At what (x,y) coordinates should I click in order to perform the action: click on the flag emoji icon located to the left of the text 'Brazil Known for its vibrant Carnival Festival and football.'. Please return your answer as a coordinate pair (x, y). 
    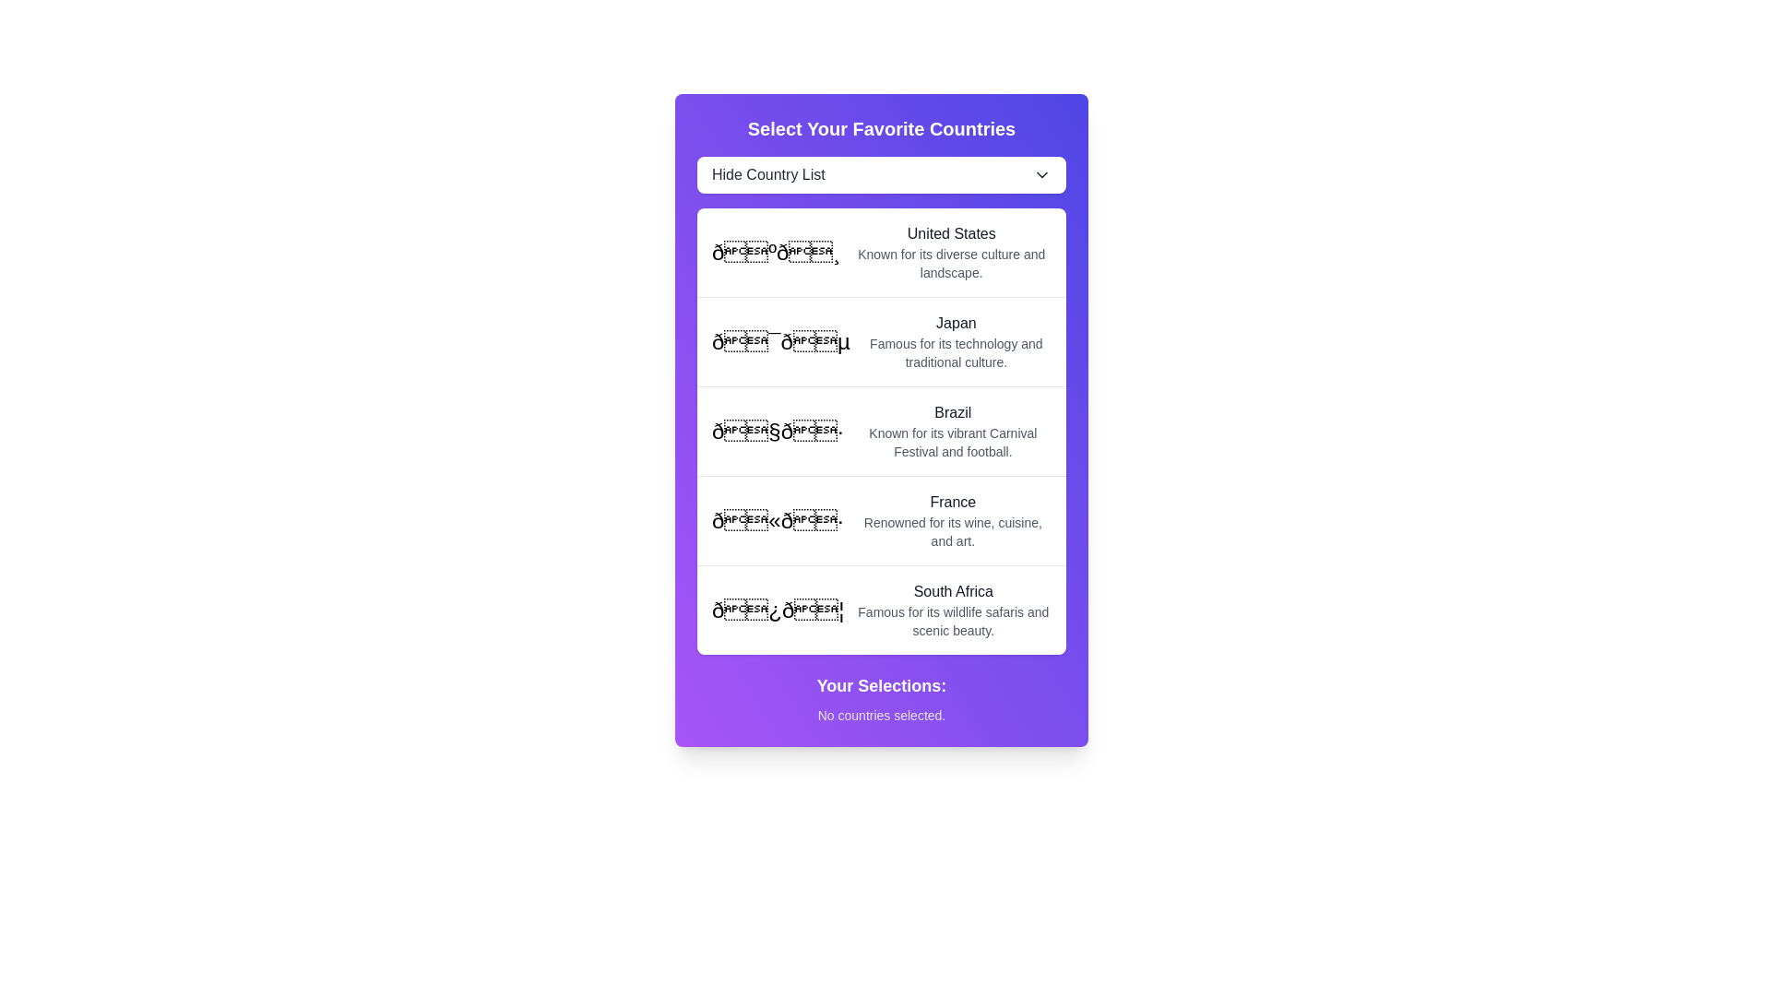
    Looking at the image, I should click on (778, 431).